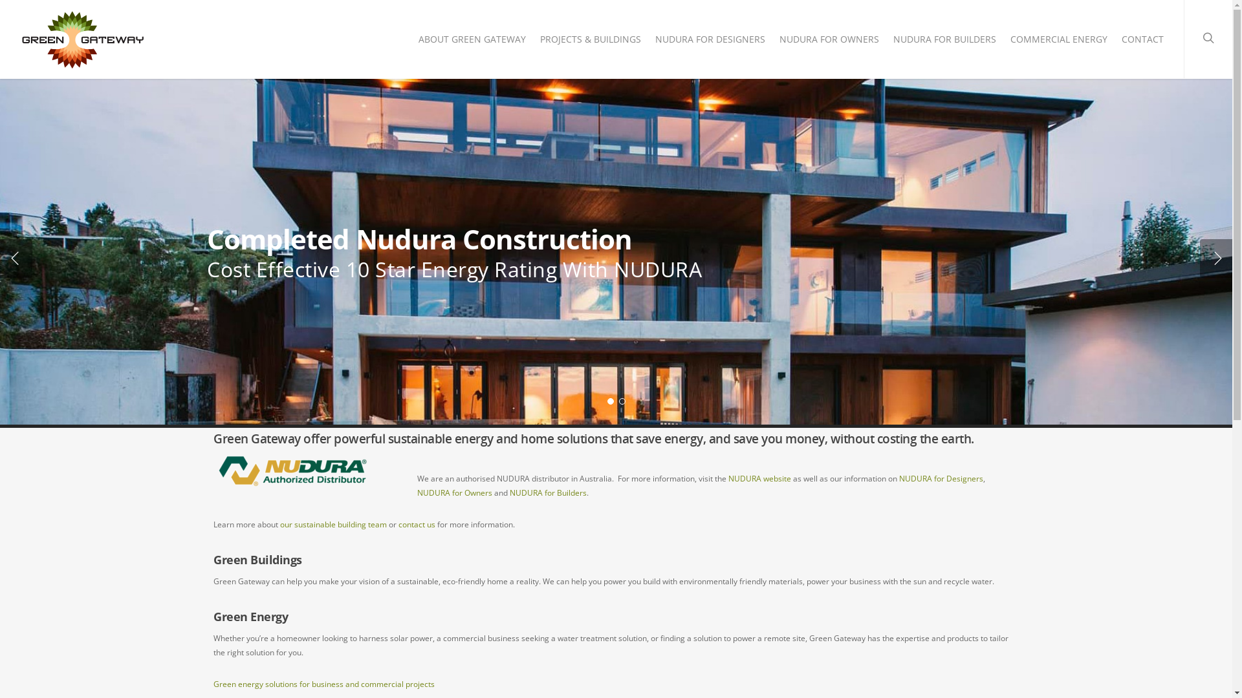  I want to click on 'NUDURA FOR DESIGNERS', so click(649, 41).